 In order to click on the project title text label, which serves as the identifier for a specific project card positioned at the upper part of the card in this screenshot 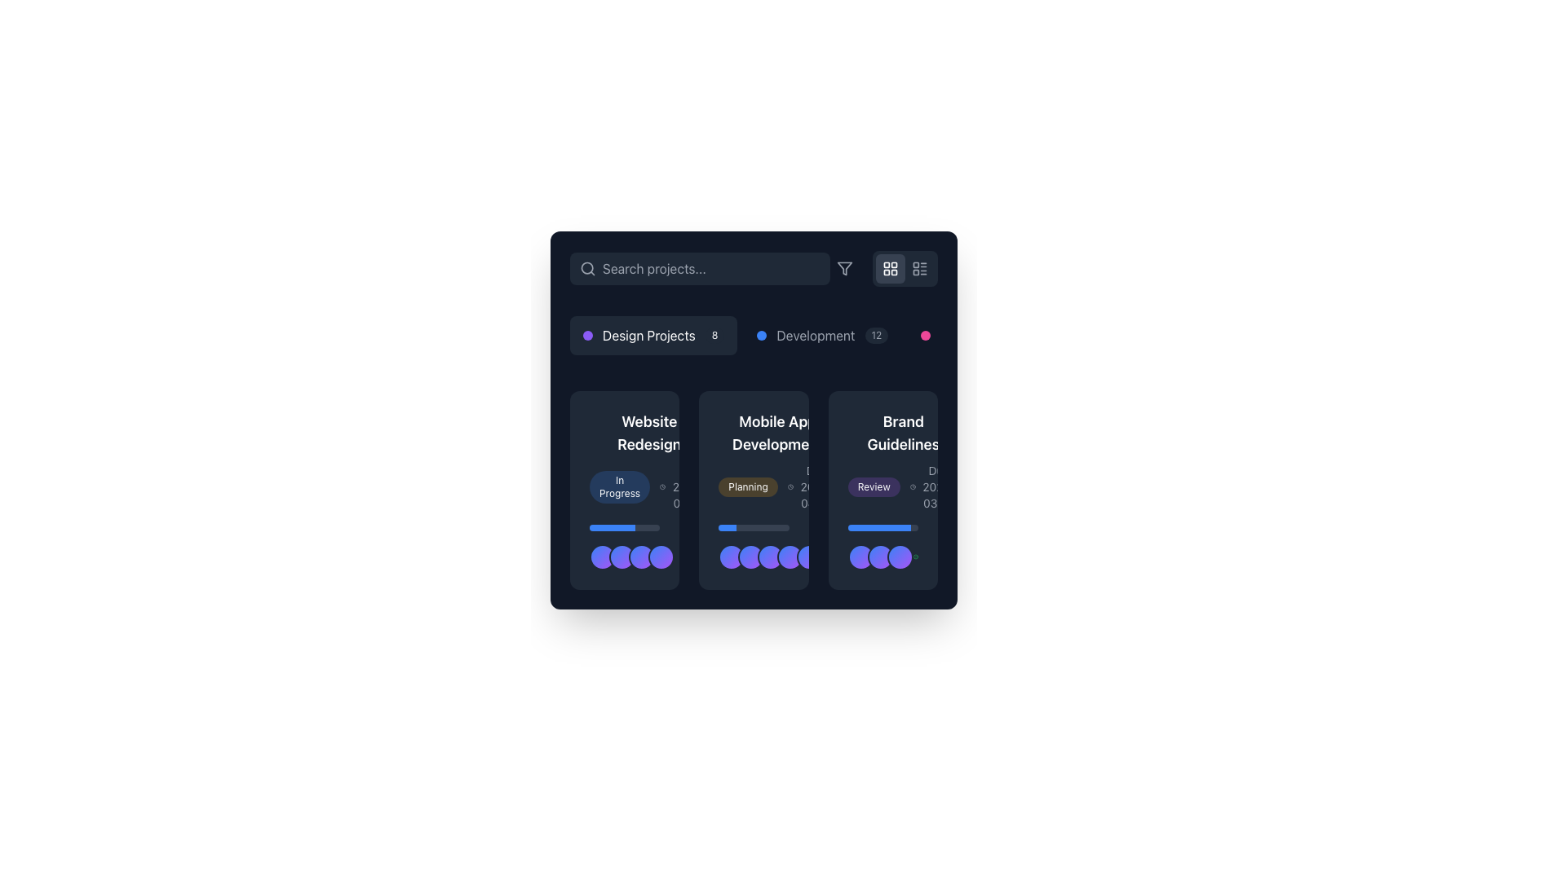, I will do `click(776, 433)`.